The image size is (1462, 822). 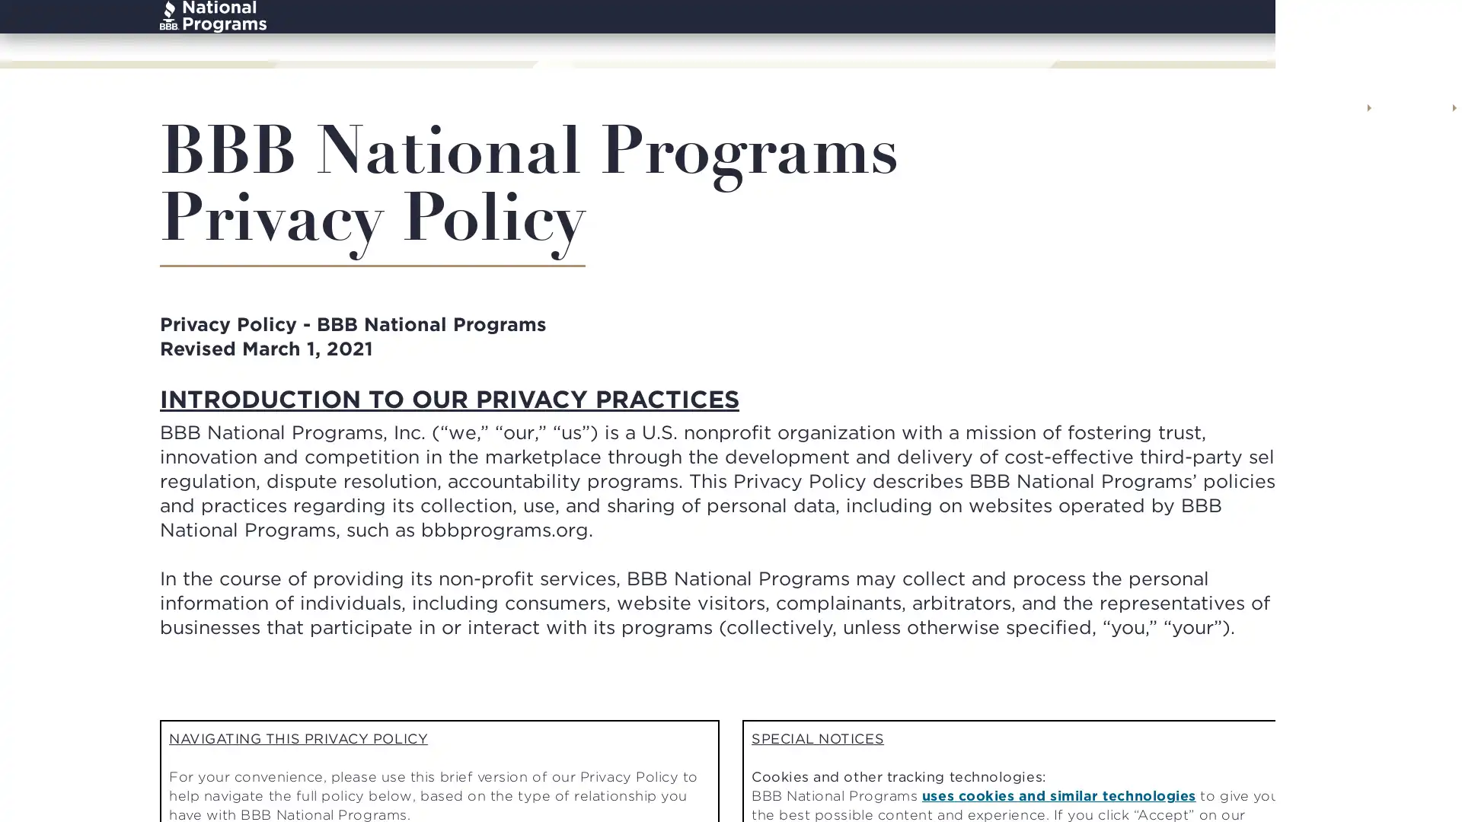 I want to click on Search, so click(x=1285, y=35).